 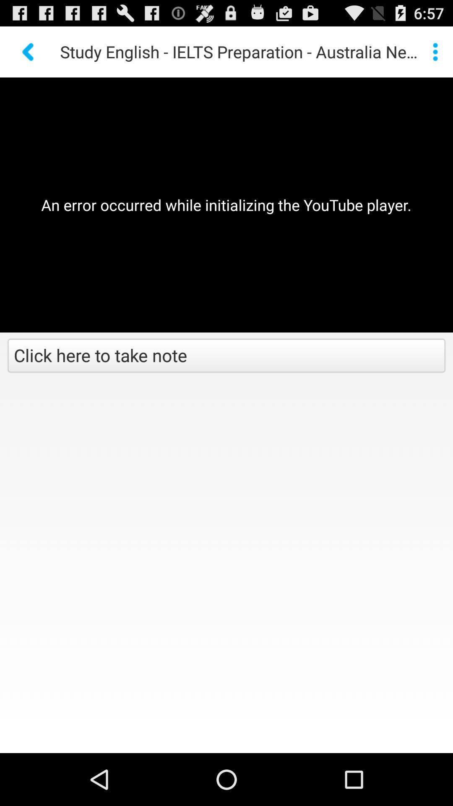 I want to click on more options, so click(x=435, y=51).